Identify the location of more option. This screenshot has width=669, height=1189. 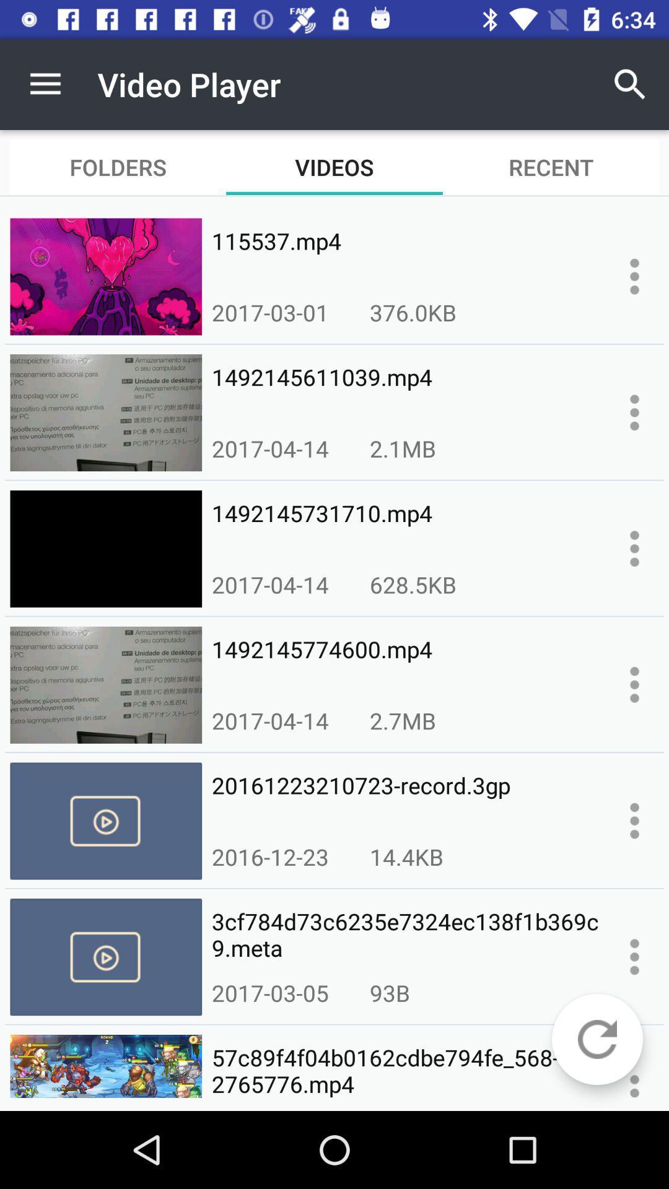
(634, 548).